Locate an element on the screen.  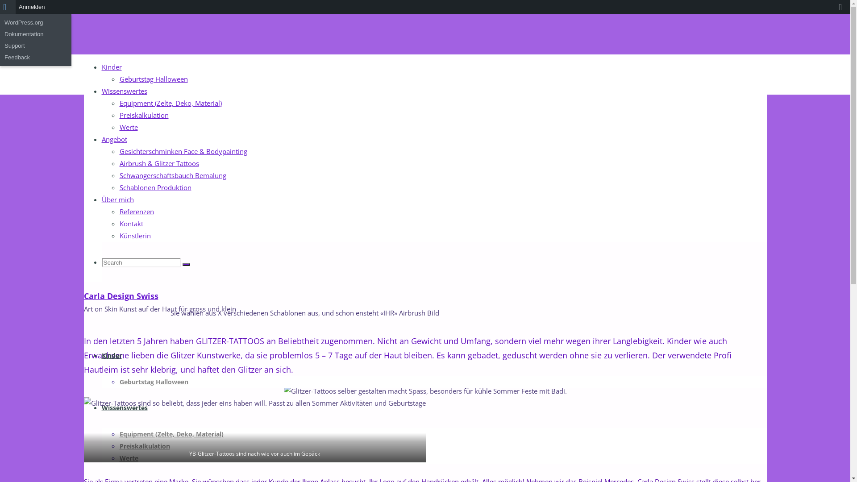
'Schablonen Produktion' is located at coordinates (155, 187).